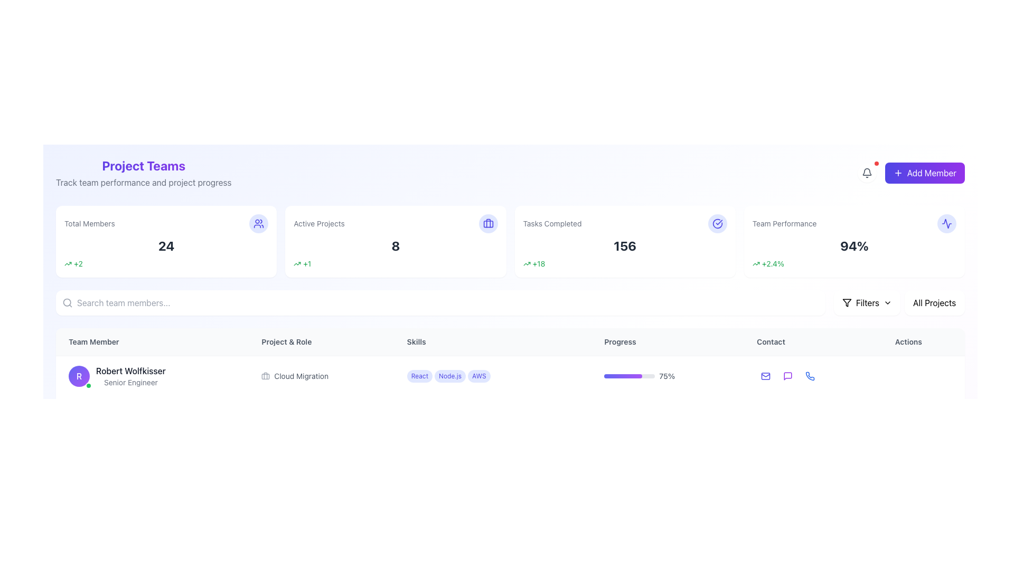  What do you see at coordinates (143, 172) in the screenshot?
I see `the Text Block with Subtitle that displays 'Project Teams' and 'Track team performance and project progress', located at the top-left corner of the interface beneath the header area` at bounding box center [143, 172].